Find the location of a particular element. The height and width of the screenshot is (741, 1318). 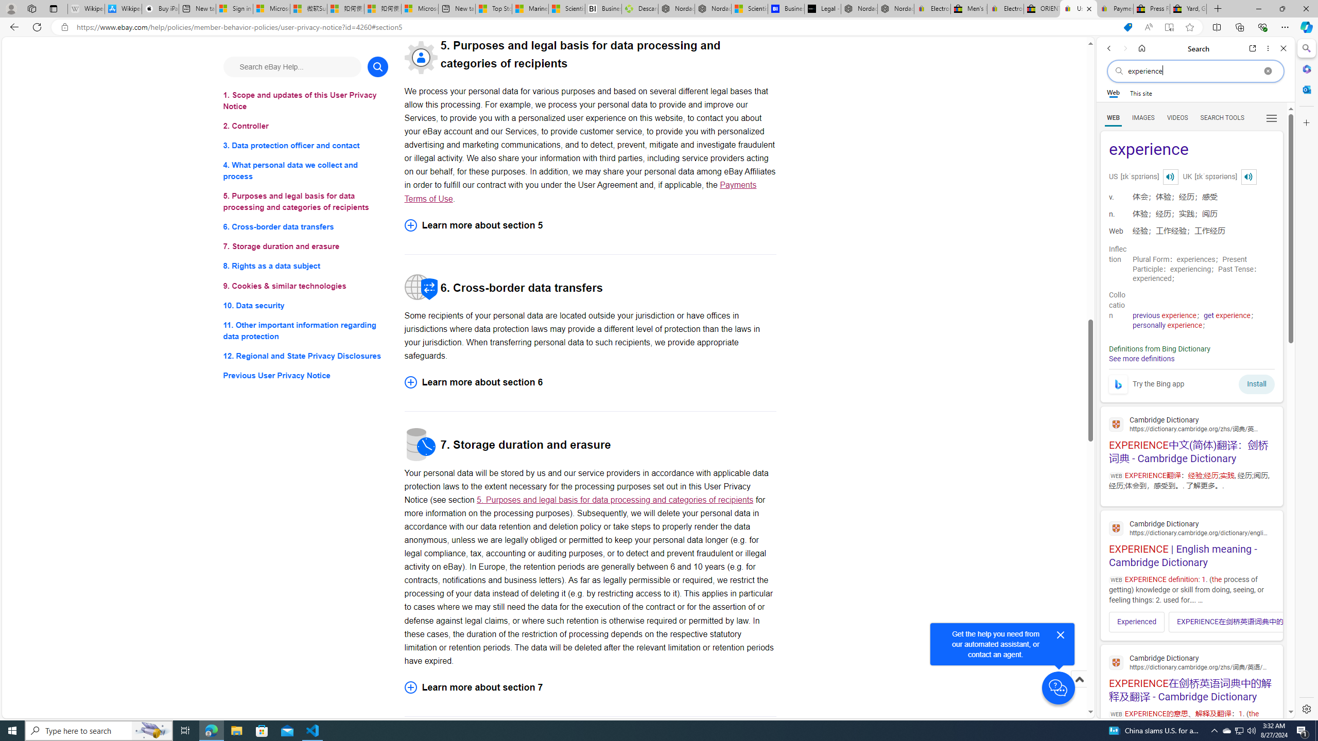

'11. Other important information regarding data protection' is located at coordinates (305, 330).